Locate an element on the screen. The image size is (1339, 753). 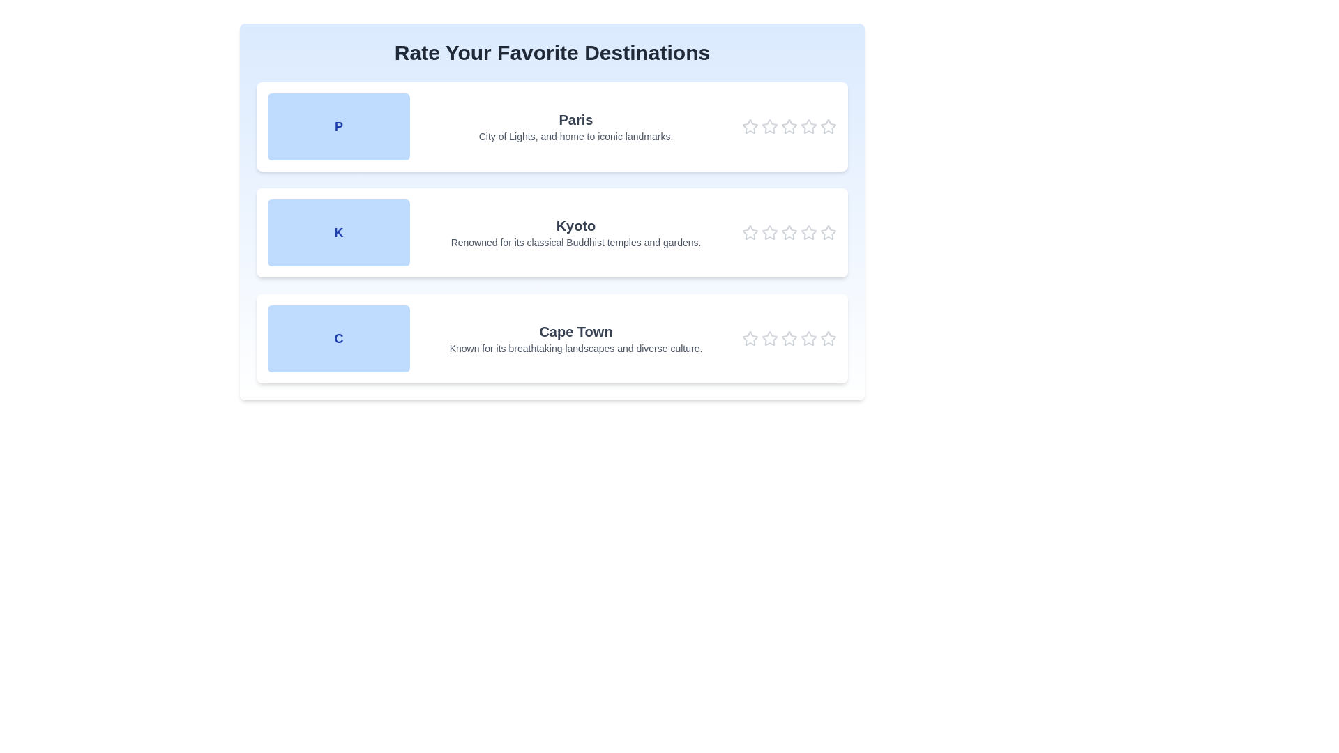
the highlighted card for 'Kyoto' in the list of destination options is located at coordinates (552, 212).